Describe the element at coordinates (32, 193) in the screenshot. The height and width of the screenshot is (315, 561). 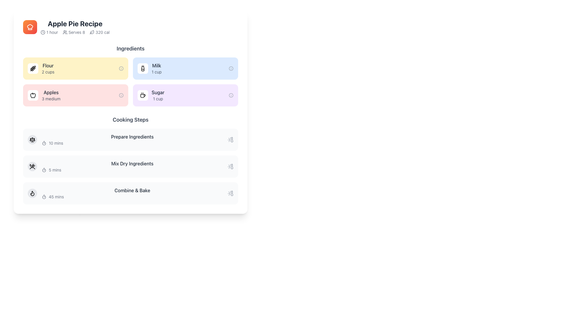
I see `the circular icon with a flame symbol inside` at that location.